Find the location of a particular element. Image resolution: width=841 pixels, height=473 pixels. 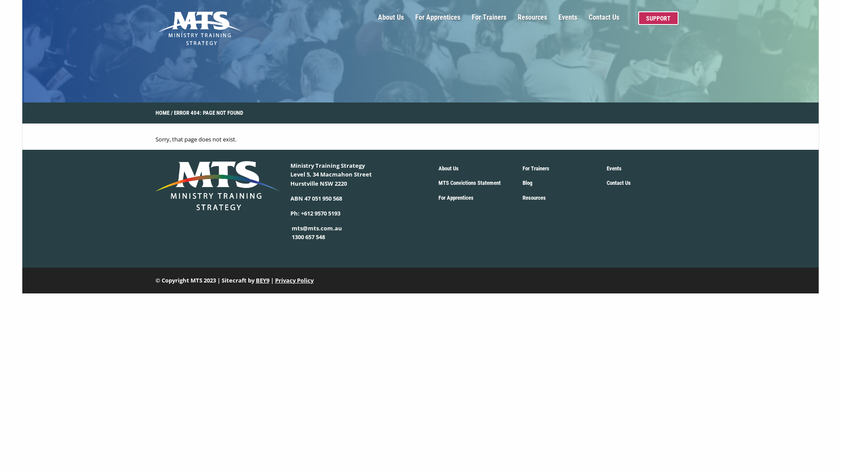

'For Trainers' is located at coordinates (488, 20).